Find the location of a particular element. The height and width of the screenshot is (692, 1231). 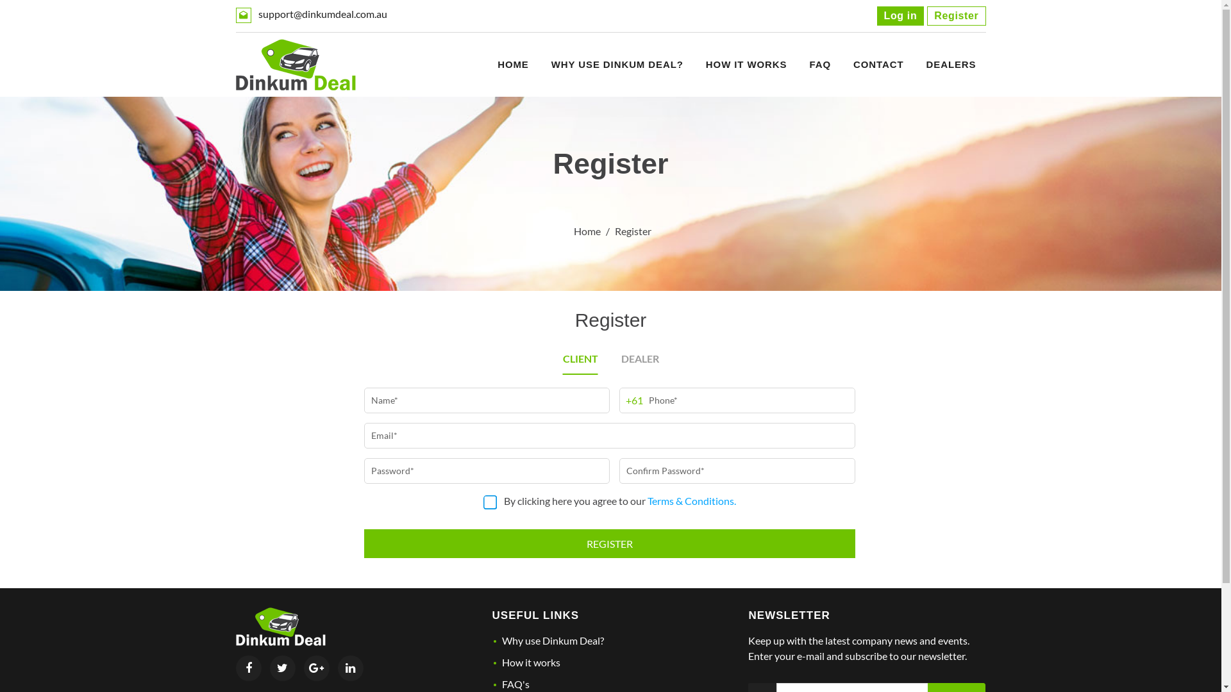

'Log in' is located at coordinates (900, 15).